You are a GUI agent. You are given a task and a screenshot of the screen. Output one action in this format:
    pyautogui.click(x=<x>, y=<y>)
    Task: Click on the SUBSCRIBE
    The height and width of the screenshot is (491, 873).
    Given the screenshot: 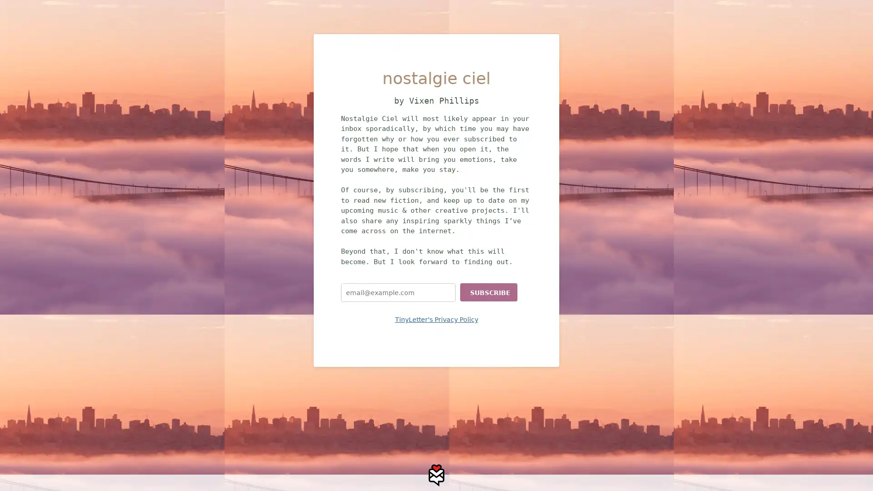 What is the action you would take?
    pyautogui.click(x=488, y=292)
    